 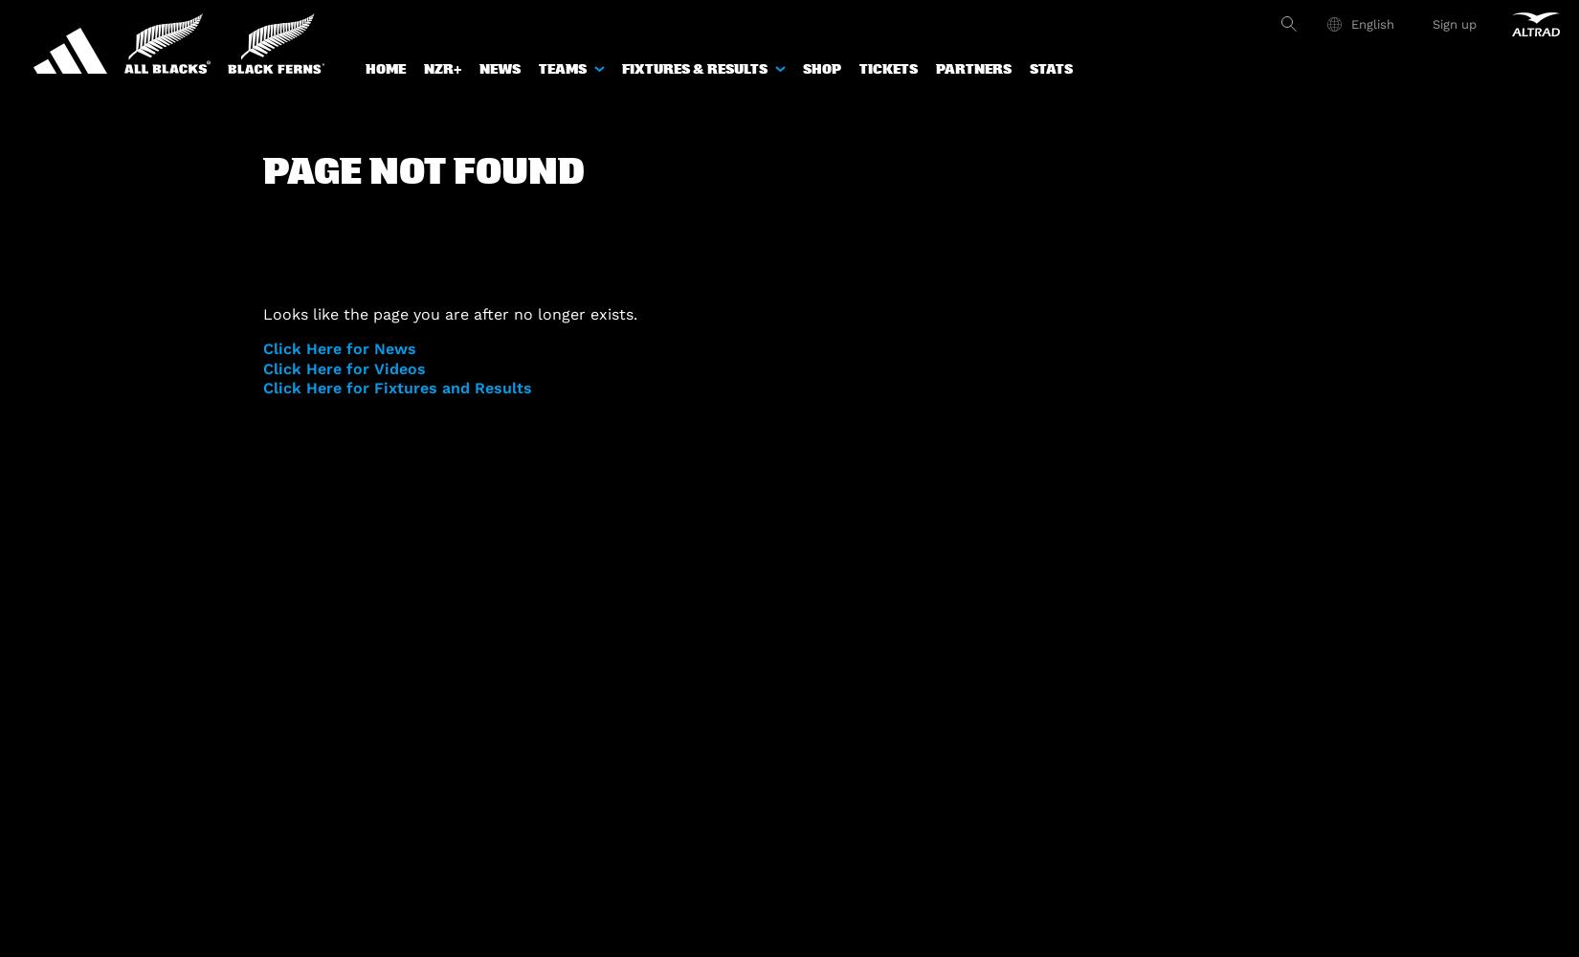 I want to click on 'Click Here for Videos', so click(x=345, y=367).